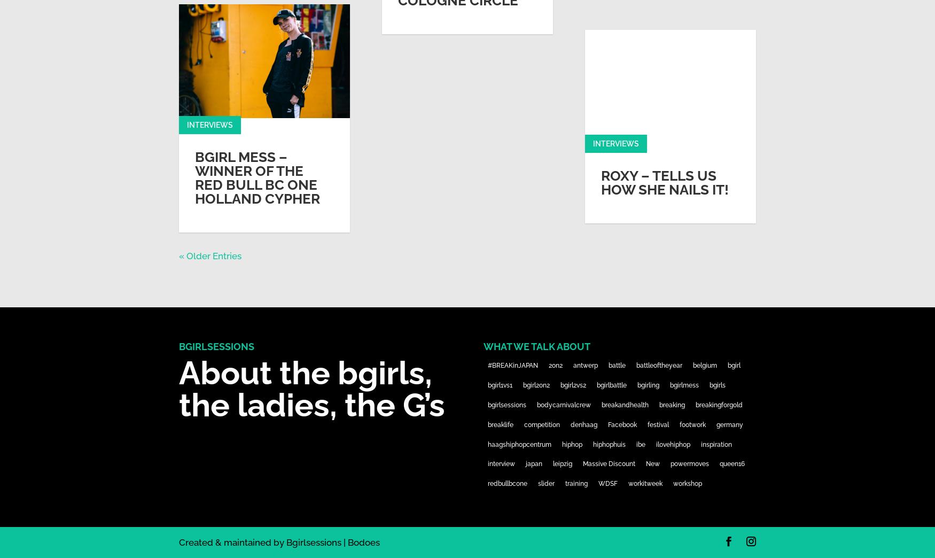  Describe the element at coordinates (486, 484) in the screenshot. I see `'redbullbcone'` at that location.